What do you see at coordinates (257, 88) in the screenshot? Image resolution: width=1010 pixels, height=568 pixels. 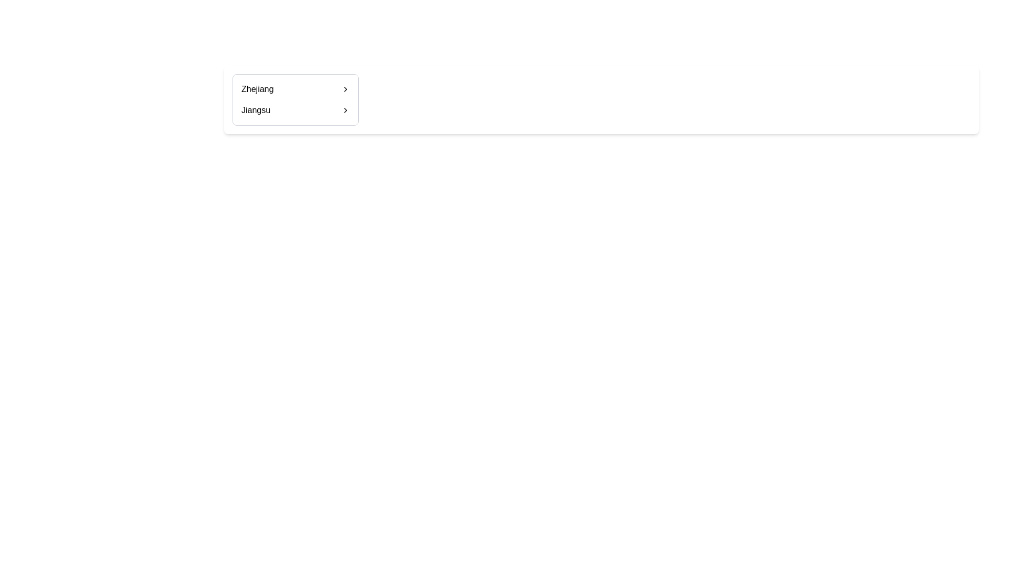 I see `the text label representing the region 'Zhejiang'` at bounding box center [257, 88].